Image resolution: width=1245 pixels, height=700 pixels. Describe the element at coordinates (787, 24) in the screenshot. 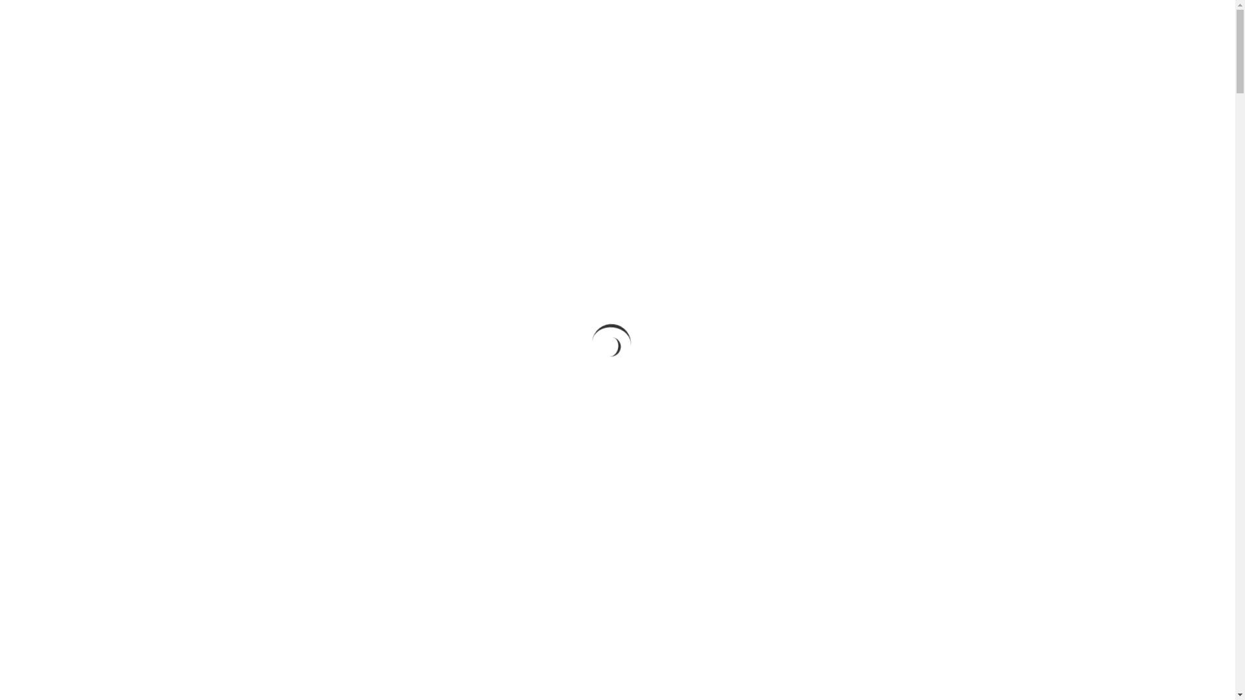

I see `'VEHICLE SERVICING'` at that location.